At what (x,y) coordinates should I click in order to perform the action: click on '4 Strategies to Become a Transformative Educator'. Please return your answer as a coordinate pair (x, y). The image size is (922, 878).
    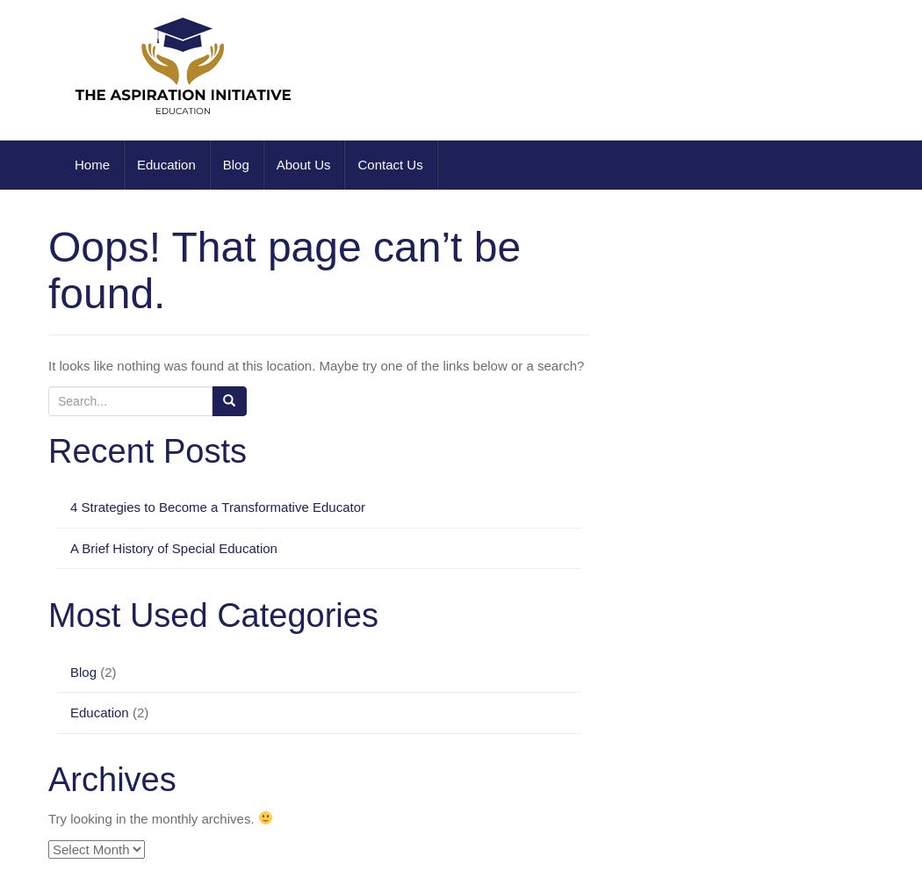
    Looking at the image, I should click on (218, 506).